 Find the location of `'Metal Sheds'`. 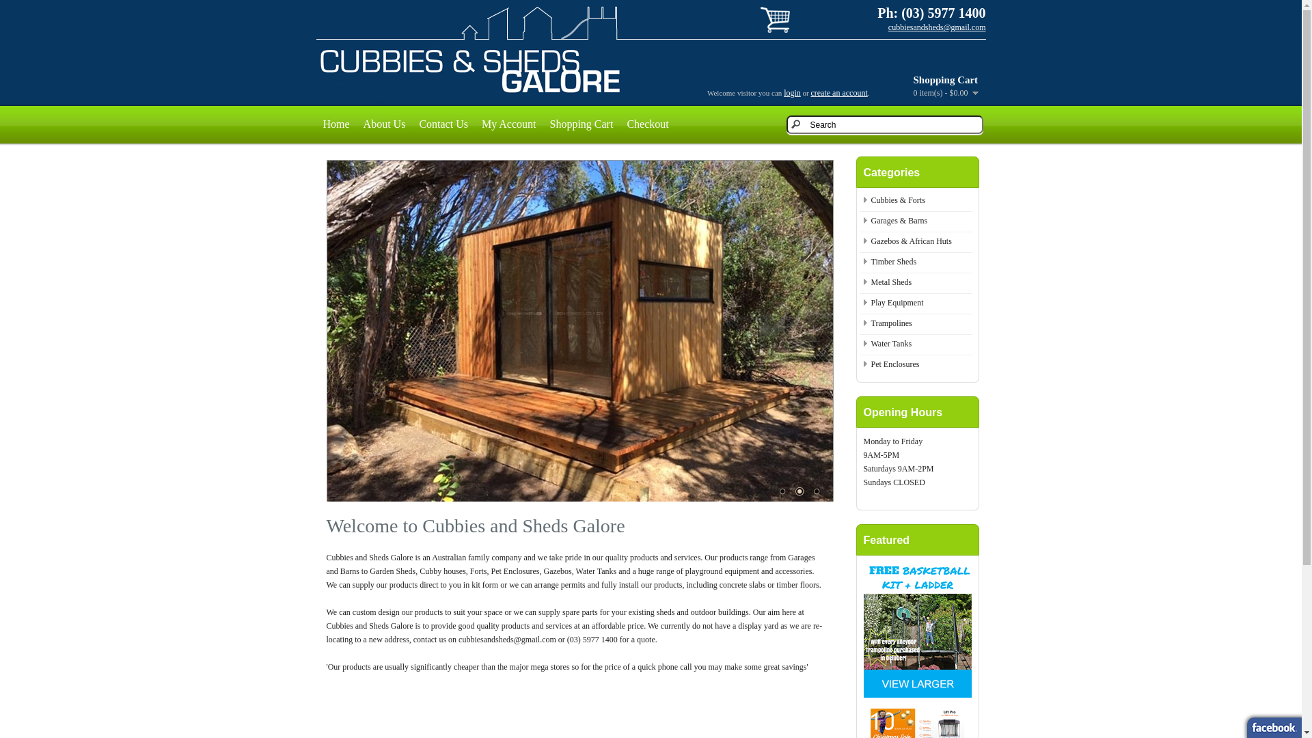

'Metal Sheds' is located at coordinates (891, 281).